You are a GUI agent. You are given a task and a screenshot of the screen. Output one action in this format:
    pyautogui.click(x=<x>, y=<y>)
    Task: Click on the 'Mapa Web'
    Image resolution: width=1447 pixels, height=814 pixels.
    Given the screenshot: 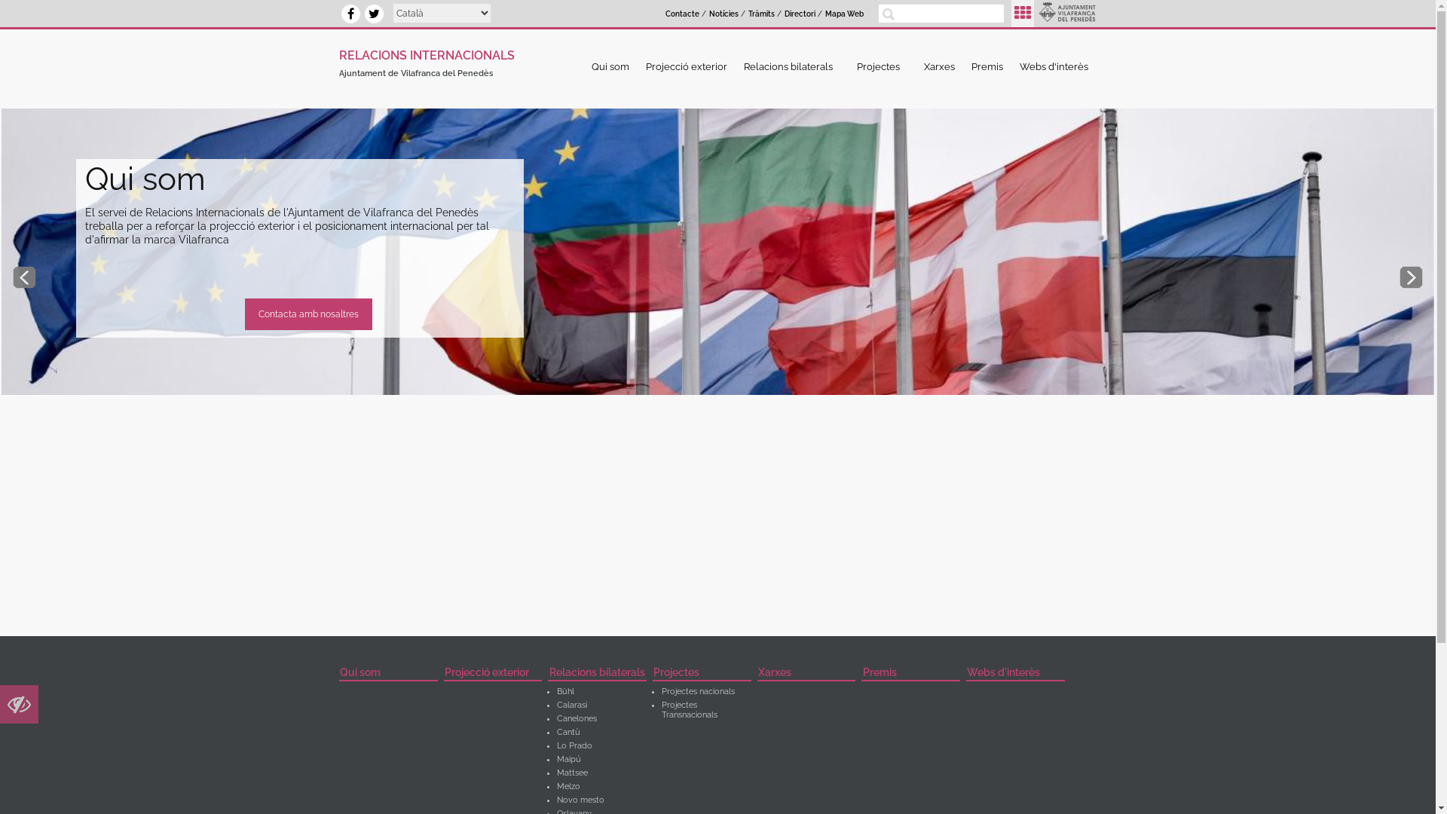 What is the action you would take?
    pyautogui.click(x=844, y=14)
    